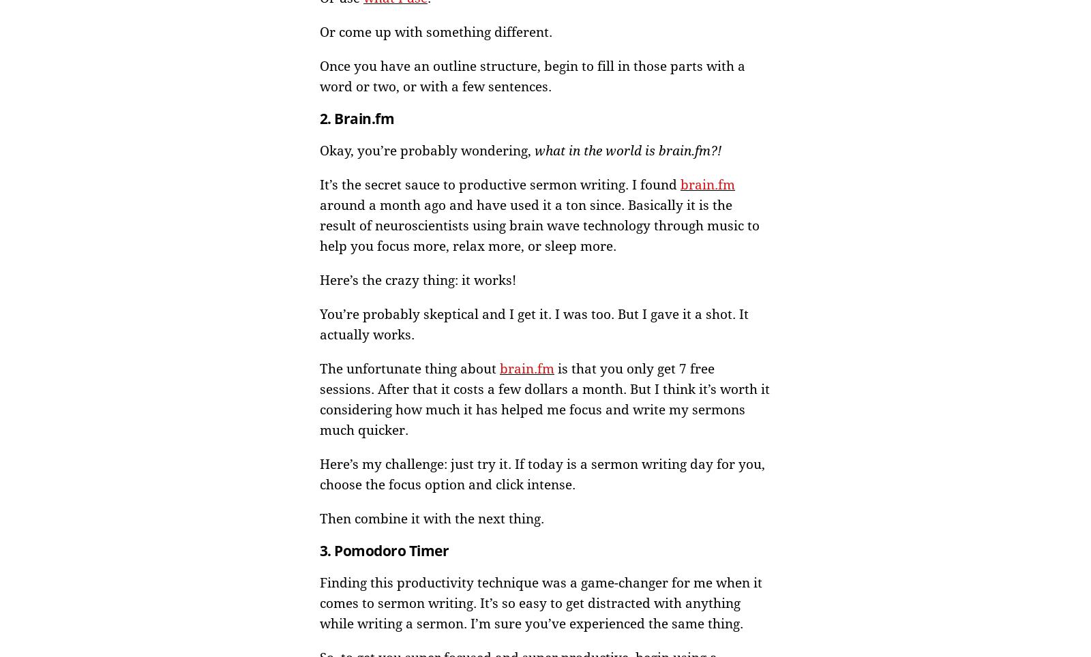 The width and height of the screenshot is (1091, 657). Describe the element at coordinates (408, 368) in the screenshot. I see `'The unfortunate thing about'` at that location.